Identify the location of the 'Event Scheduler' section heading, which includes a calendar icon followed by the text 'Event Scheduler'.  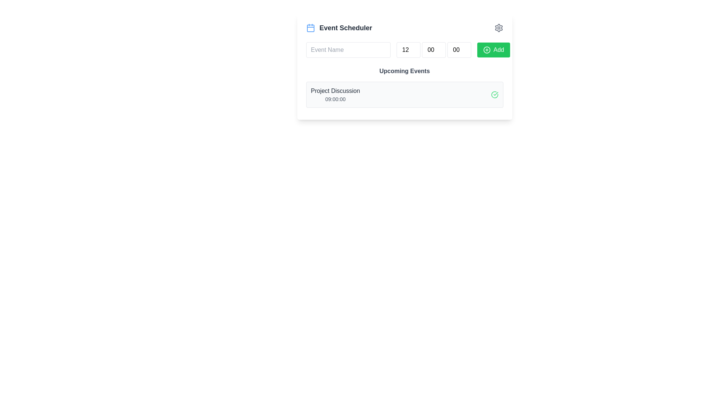
(338, 27).